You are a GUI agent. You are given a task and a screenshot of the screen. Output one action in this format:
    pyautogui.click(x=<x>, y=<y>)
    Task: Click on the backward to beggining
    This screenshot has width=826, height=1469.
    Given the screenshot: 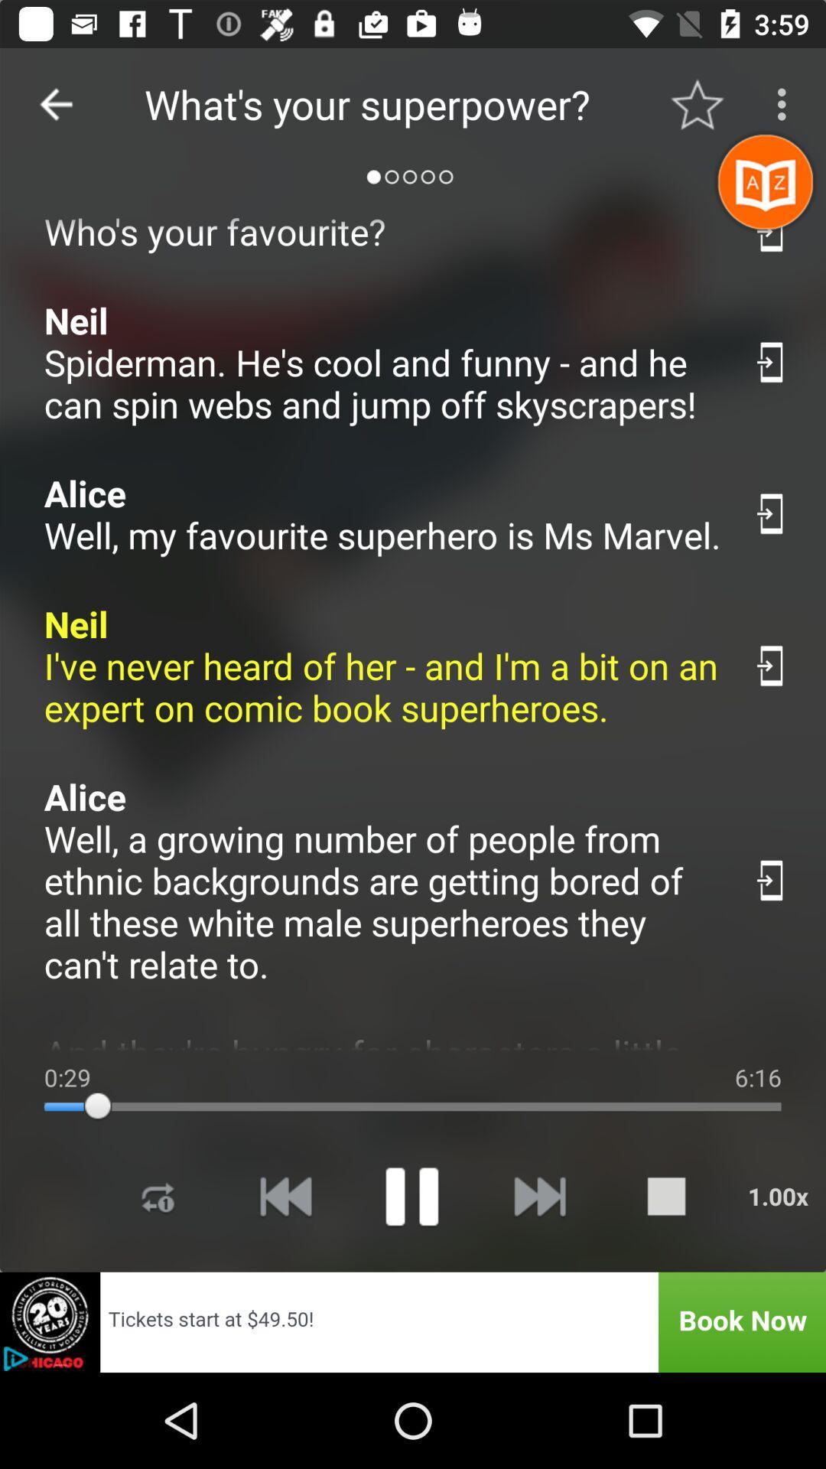 What is the action you would take?
    pyautogui.click(x=285, y=1195)
    